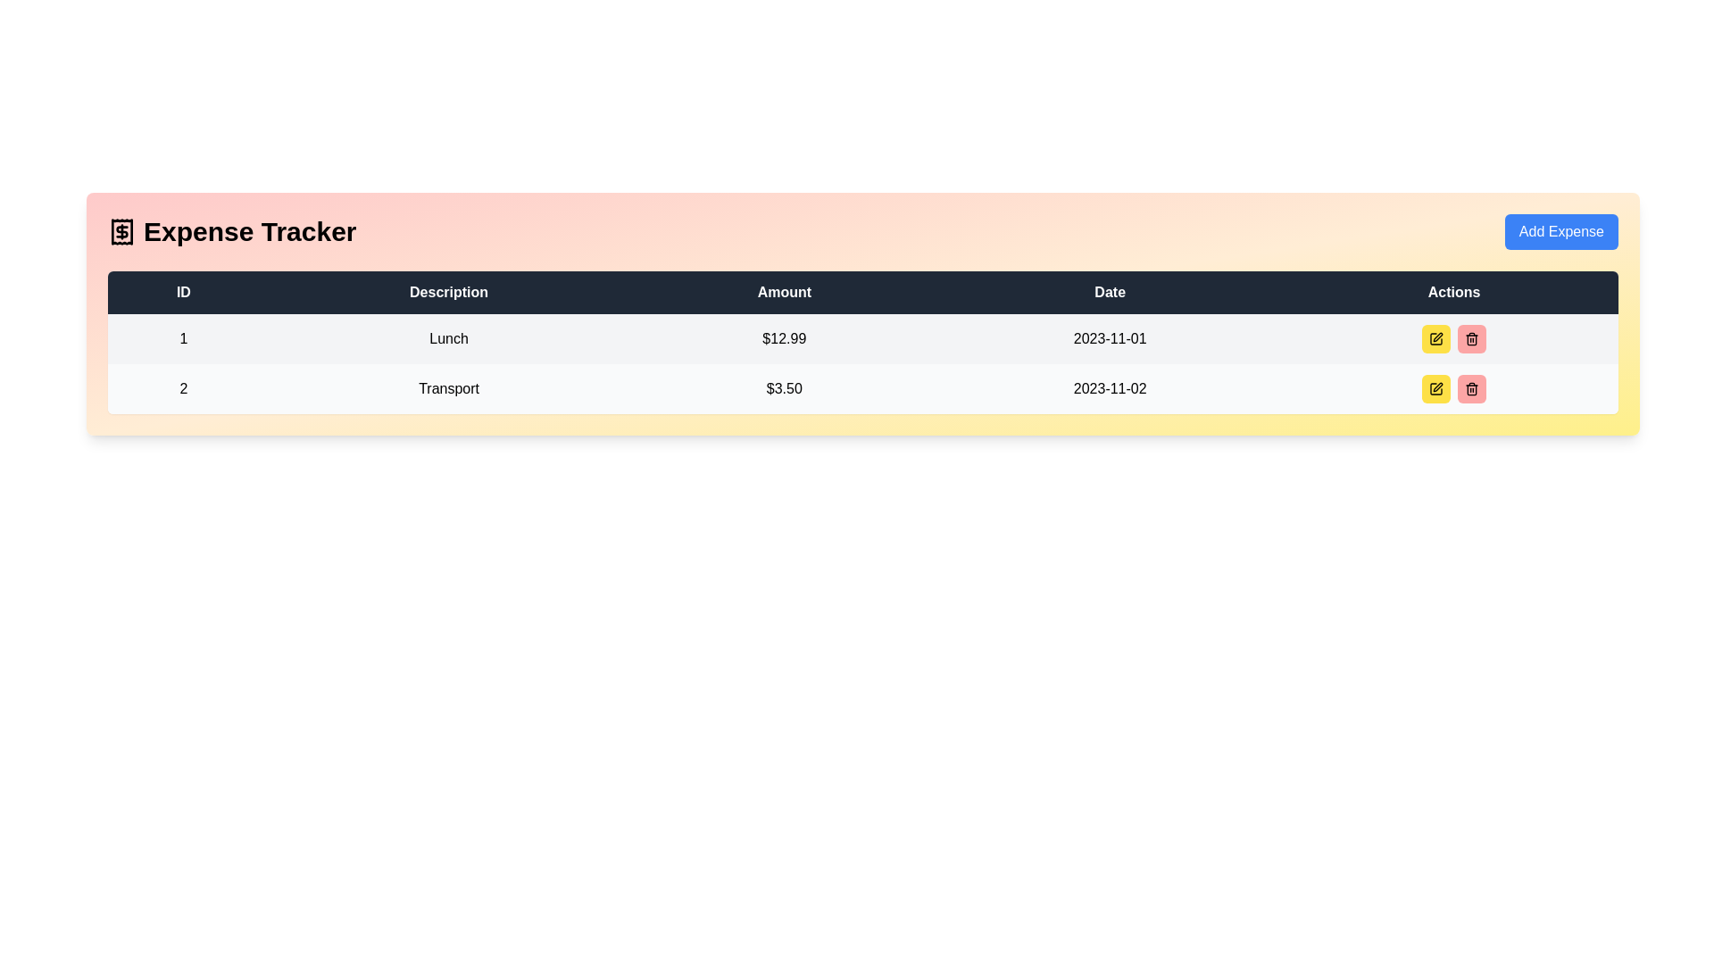 This screenshot has height=964, width=1714. What do you see at coordinates (231, 230) in the screenshot?
I see `title from the Header located in the top-left section of the interface, which includes an icon and text, positioned to the left of the 'Add Expense' button` at bounding box center [231, 230].